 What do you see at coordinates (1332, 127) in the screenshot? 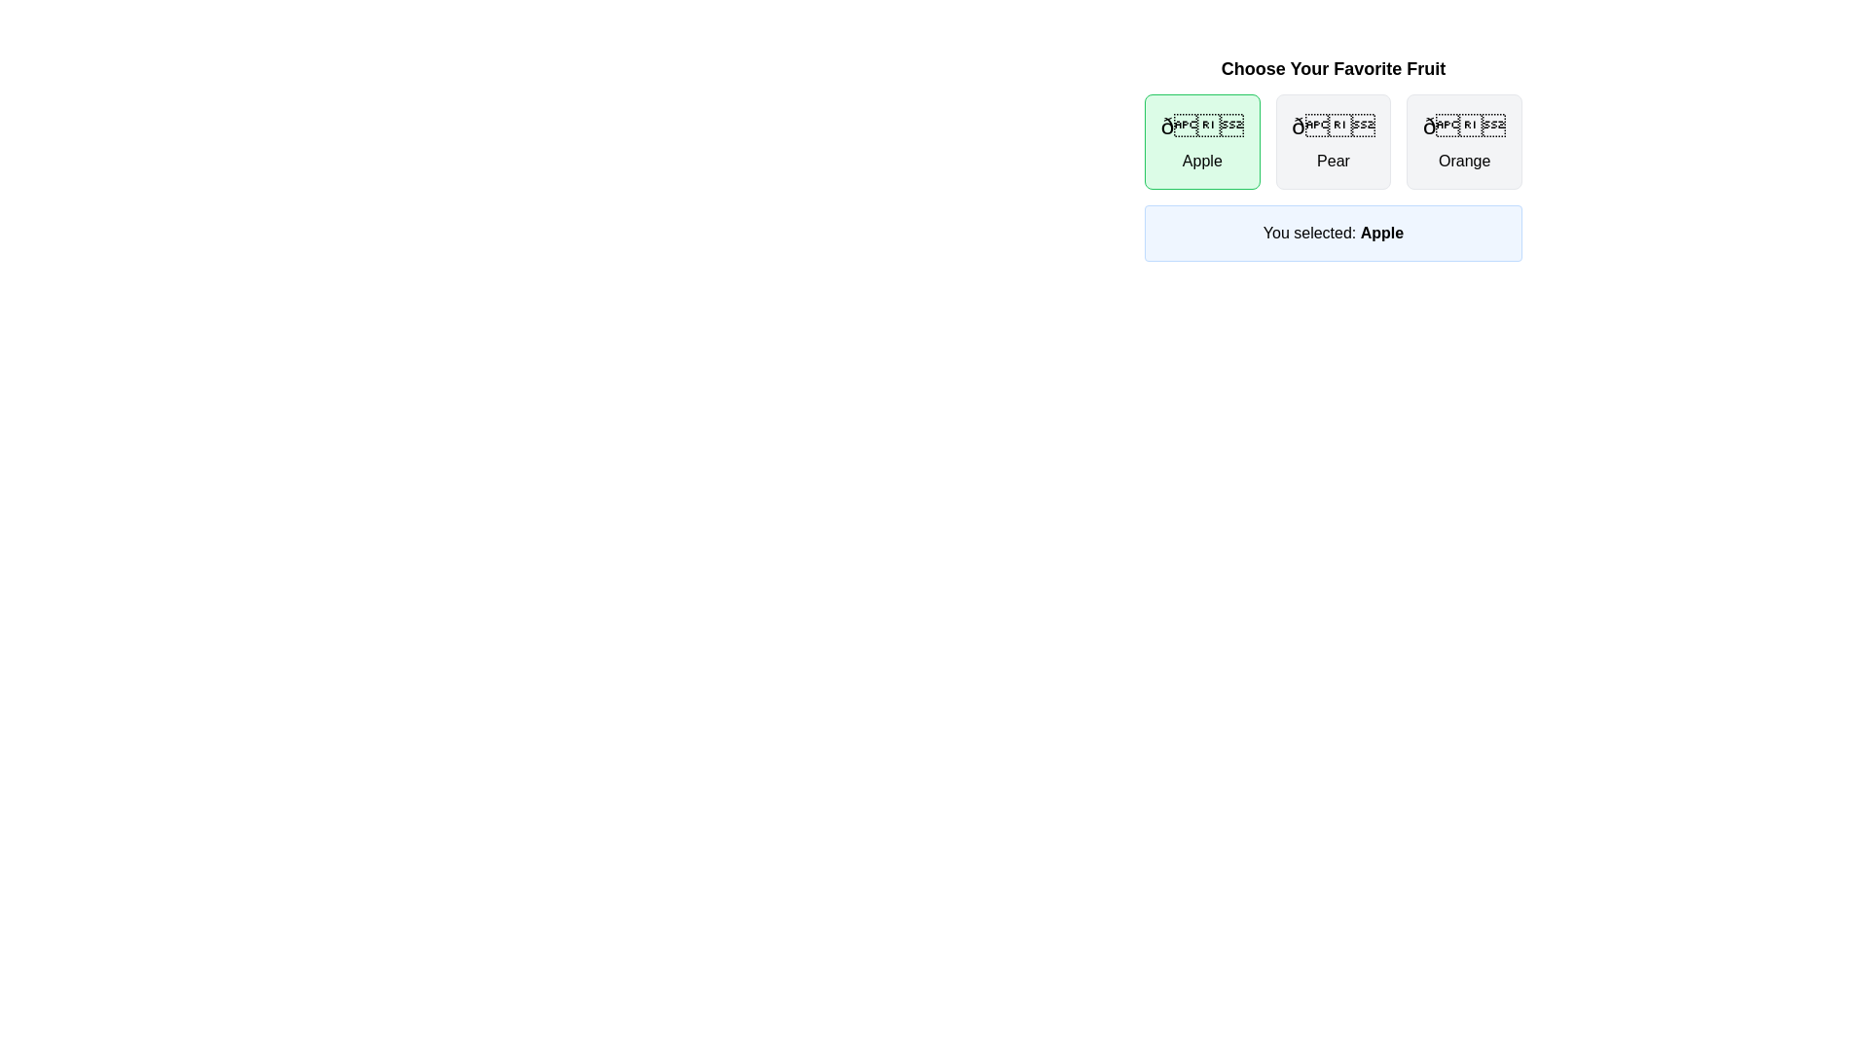
I see `the large pear emoji displayed in bold font, centrally located in the second column of the card labeled 'Pear', above the text 'Pear'` at bounding box center [1332, 127].